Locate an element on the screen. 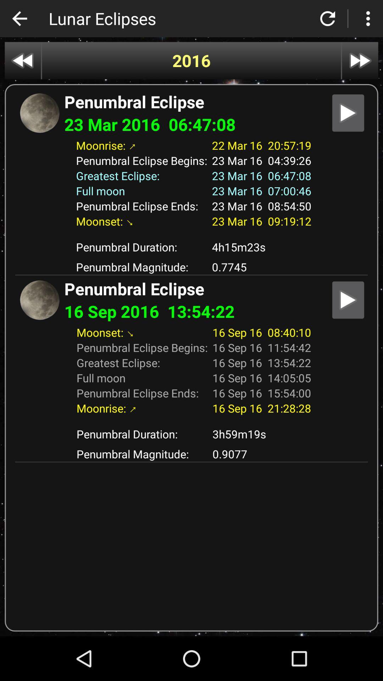  the video is located at coordinates (348, 112).